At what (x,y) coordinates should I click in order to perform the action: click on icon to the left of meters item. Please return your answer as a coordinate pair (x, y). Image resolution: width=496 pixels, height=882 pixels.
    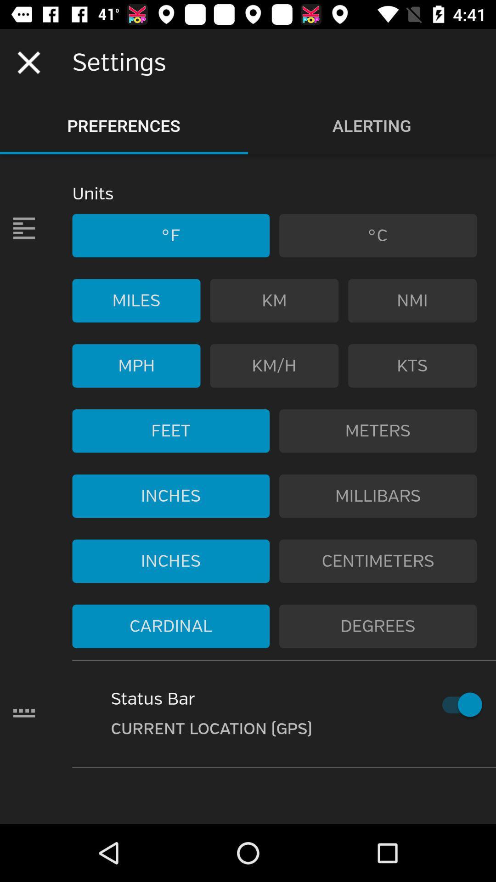
    Looking at the image, I should click on (171, 430).